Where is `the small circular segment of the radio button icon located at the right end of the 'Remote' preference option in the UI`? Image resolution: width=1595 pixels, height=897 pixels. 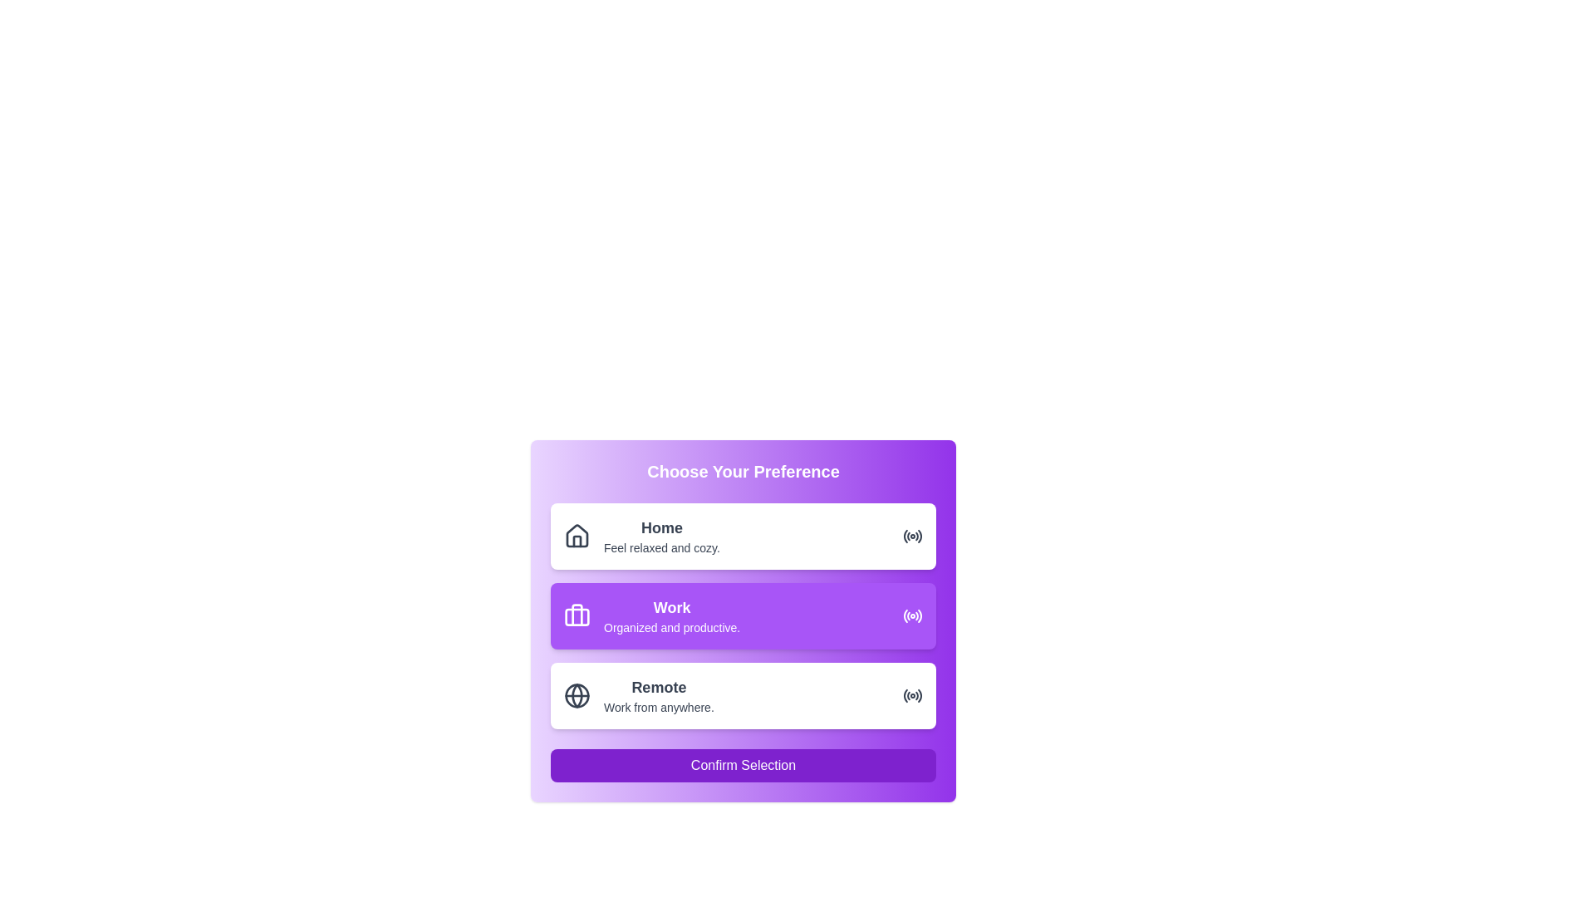
the small circular segment of the radio button icon located at the right end of the 'Remote' preference option in the UI is located at coordinates (916, 696).